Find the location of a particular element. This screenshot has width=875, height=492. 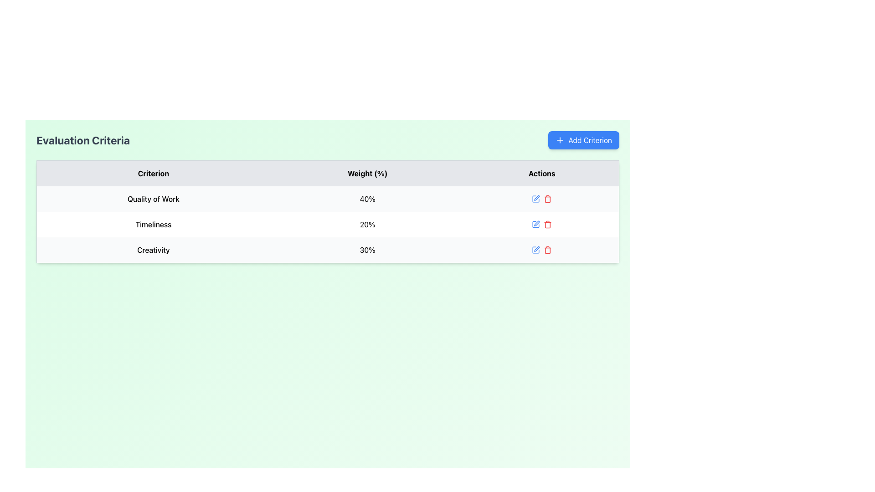

the table header cell indicating weights as percentages, which is located in the second column of the header row, between the 'Criterion' and 'Actions' cells is located at coordinates (367, 173).